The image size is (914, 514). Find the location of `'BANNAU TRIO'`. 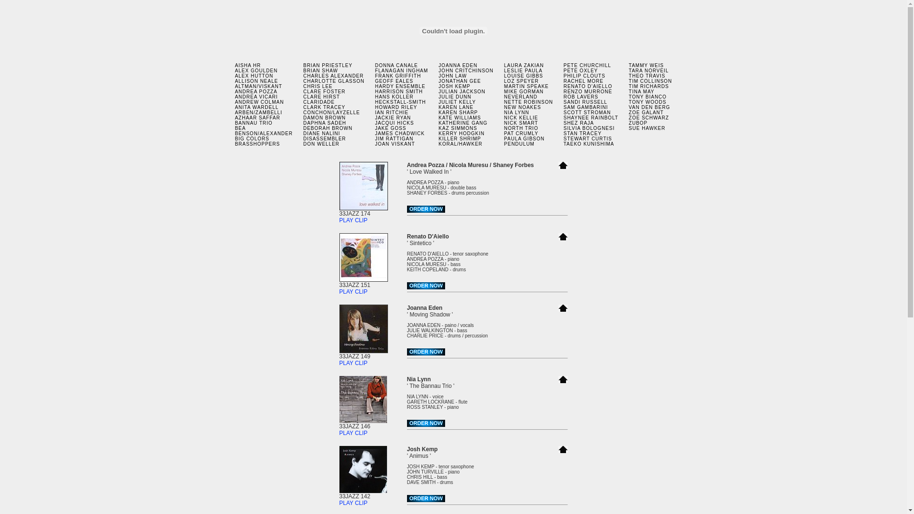

'BANNAU TRIO' is located at coordinates (253, 122).